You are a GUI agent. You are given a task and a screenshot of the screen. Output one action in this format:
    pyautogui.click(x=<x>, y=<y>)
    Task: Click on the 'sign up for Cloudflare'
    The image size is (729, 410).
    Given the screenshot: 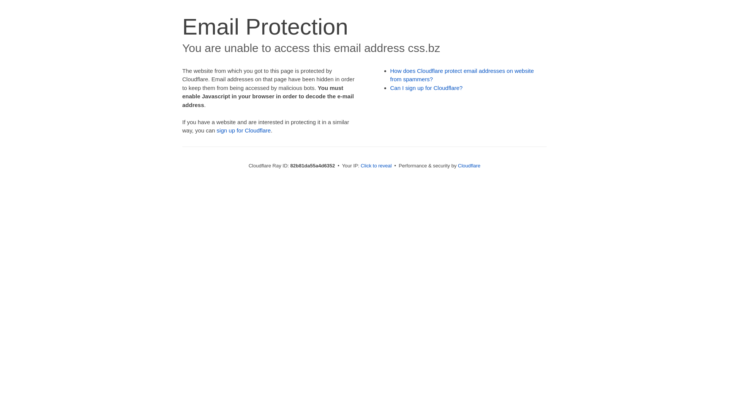 What is the action you would take?
    pyautogui.click(x=244, y=130)
    